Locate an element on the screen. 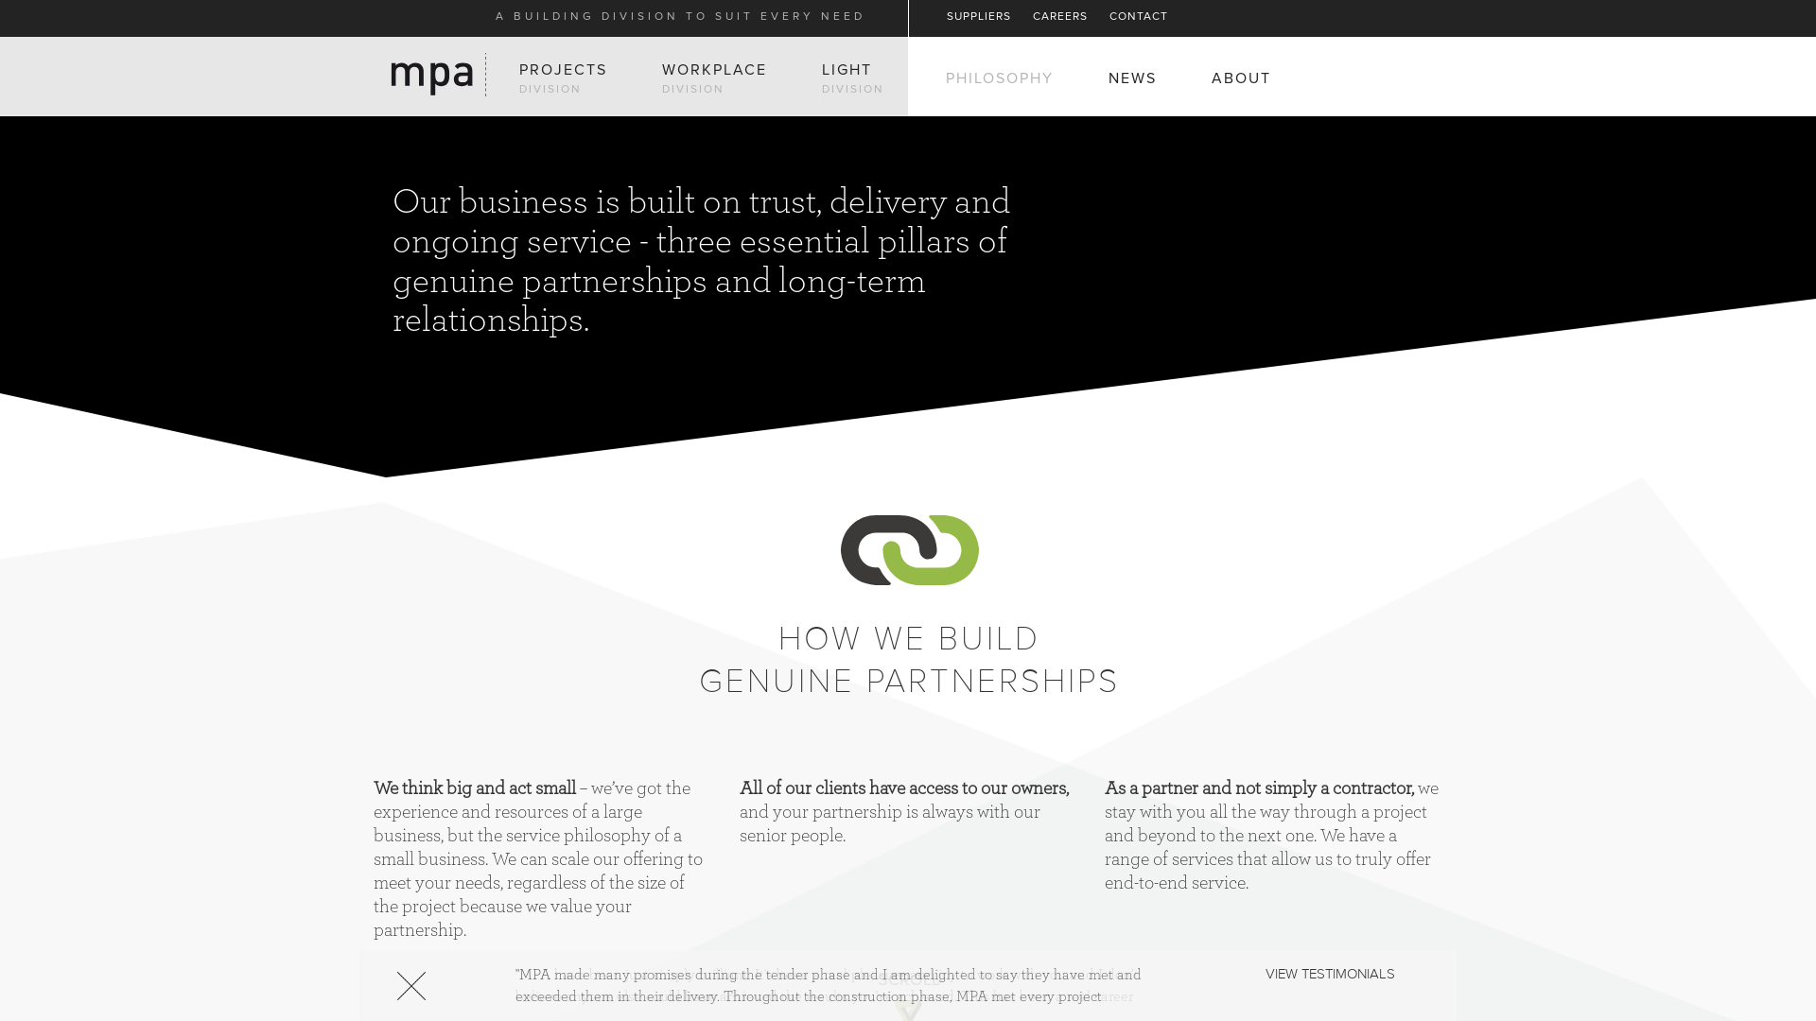 This screenshot has width=1816, height=1021. 'LIGHT is located at coordinates (852, 78).